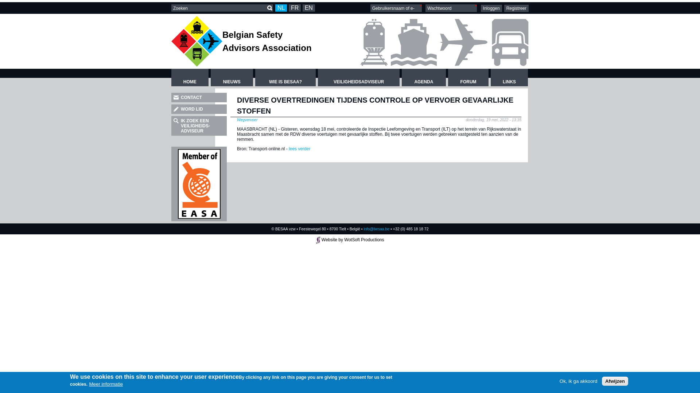 This screenshot has height=393, width=700. I want to click on 'Registreer', so click(516, 8).